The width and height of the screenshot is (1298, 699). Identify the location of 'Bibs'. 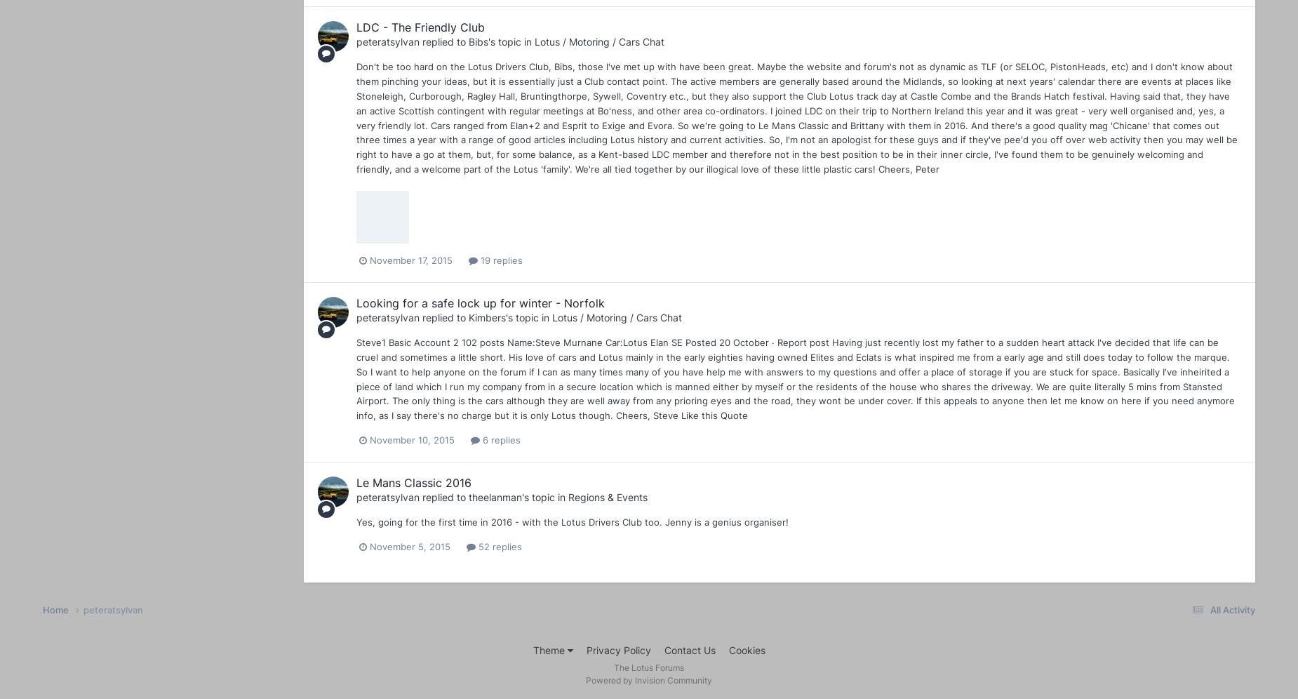
(478, 41).